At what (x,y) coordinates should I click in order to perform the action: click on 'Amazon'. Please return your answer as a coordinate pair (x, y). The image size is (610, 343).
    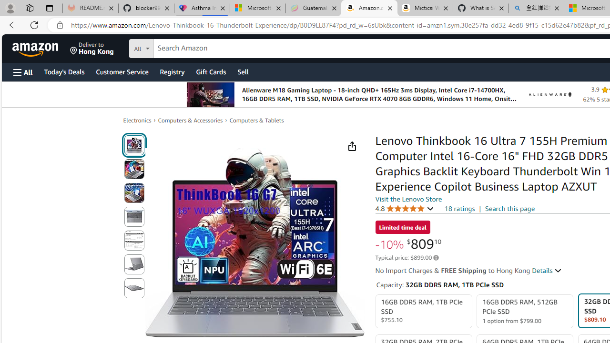
    Looking at the image, I should click on (36, 48).